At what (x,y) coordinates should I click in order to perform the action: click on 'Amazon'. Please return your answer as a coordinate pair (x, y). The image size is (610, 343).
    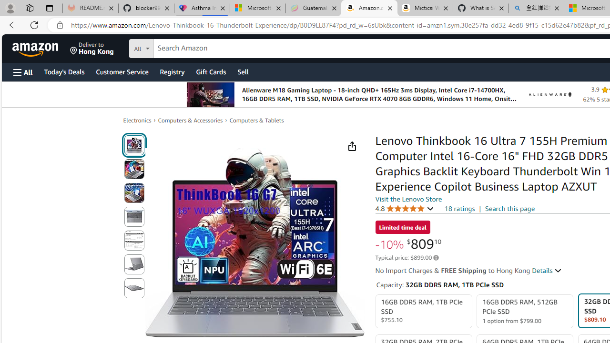
    Looking at the image, I should click on (36, 48).